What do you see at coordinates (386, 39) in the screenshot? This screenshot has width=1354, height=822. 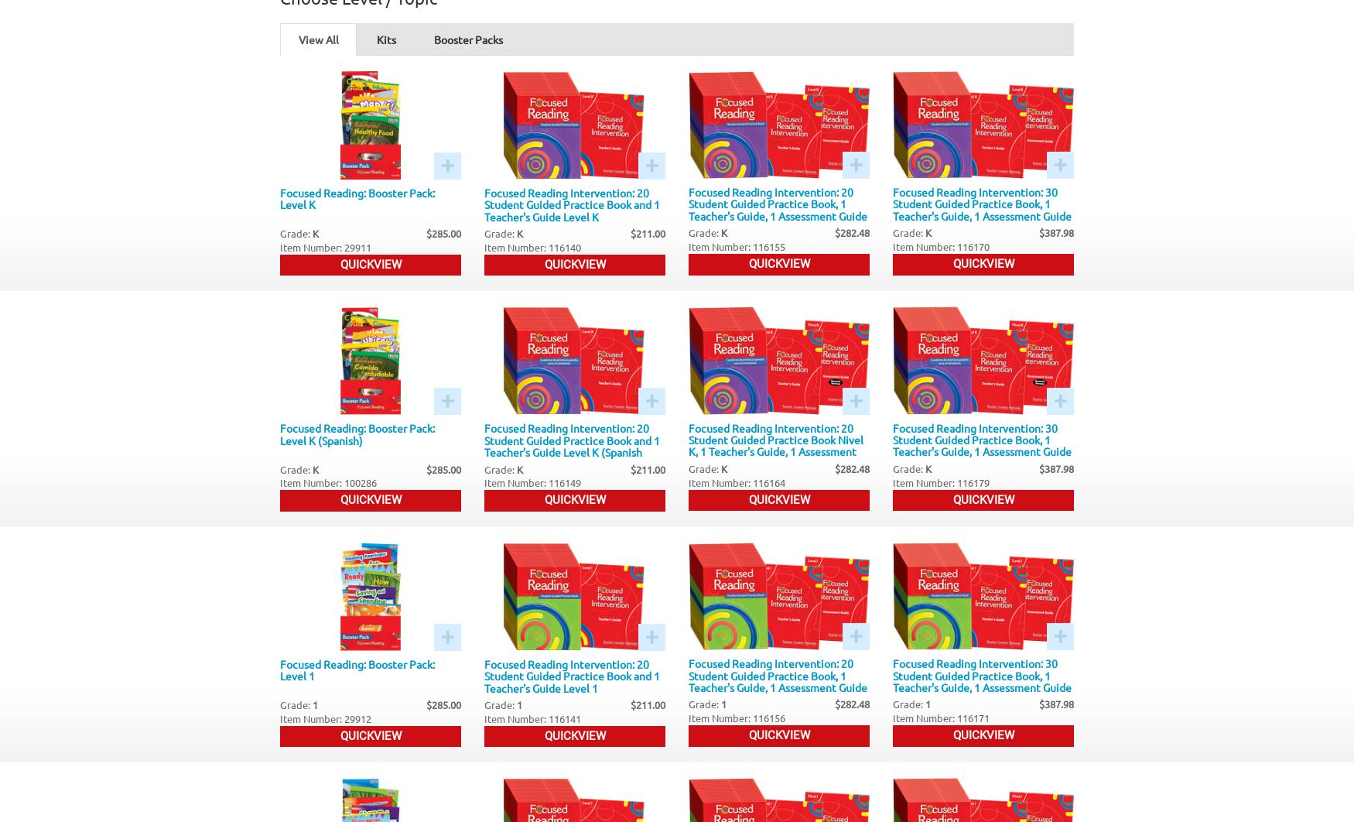 I see `'Kits'` at bounding box center [386, 39].